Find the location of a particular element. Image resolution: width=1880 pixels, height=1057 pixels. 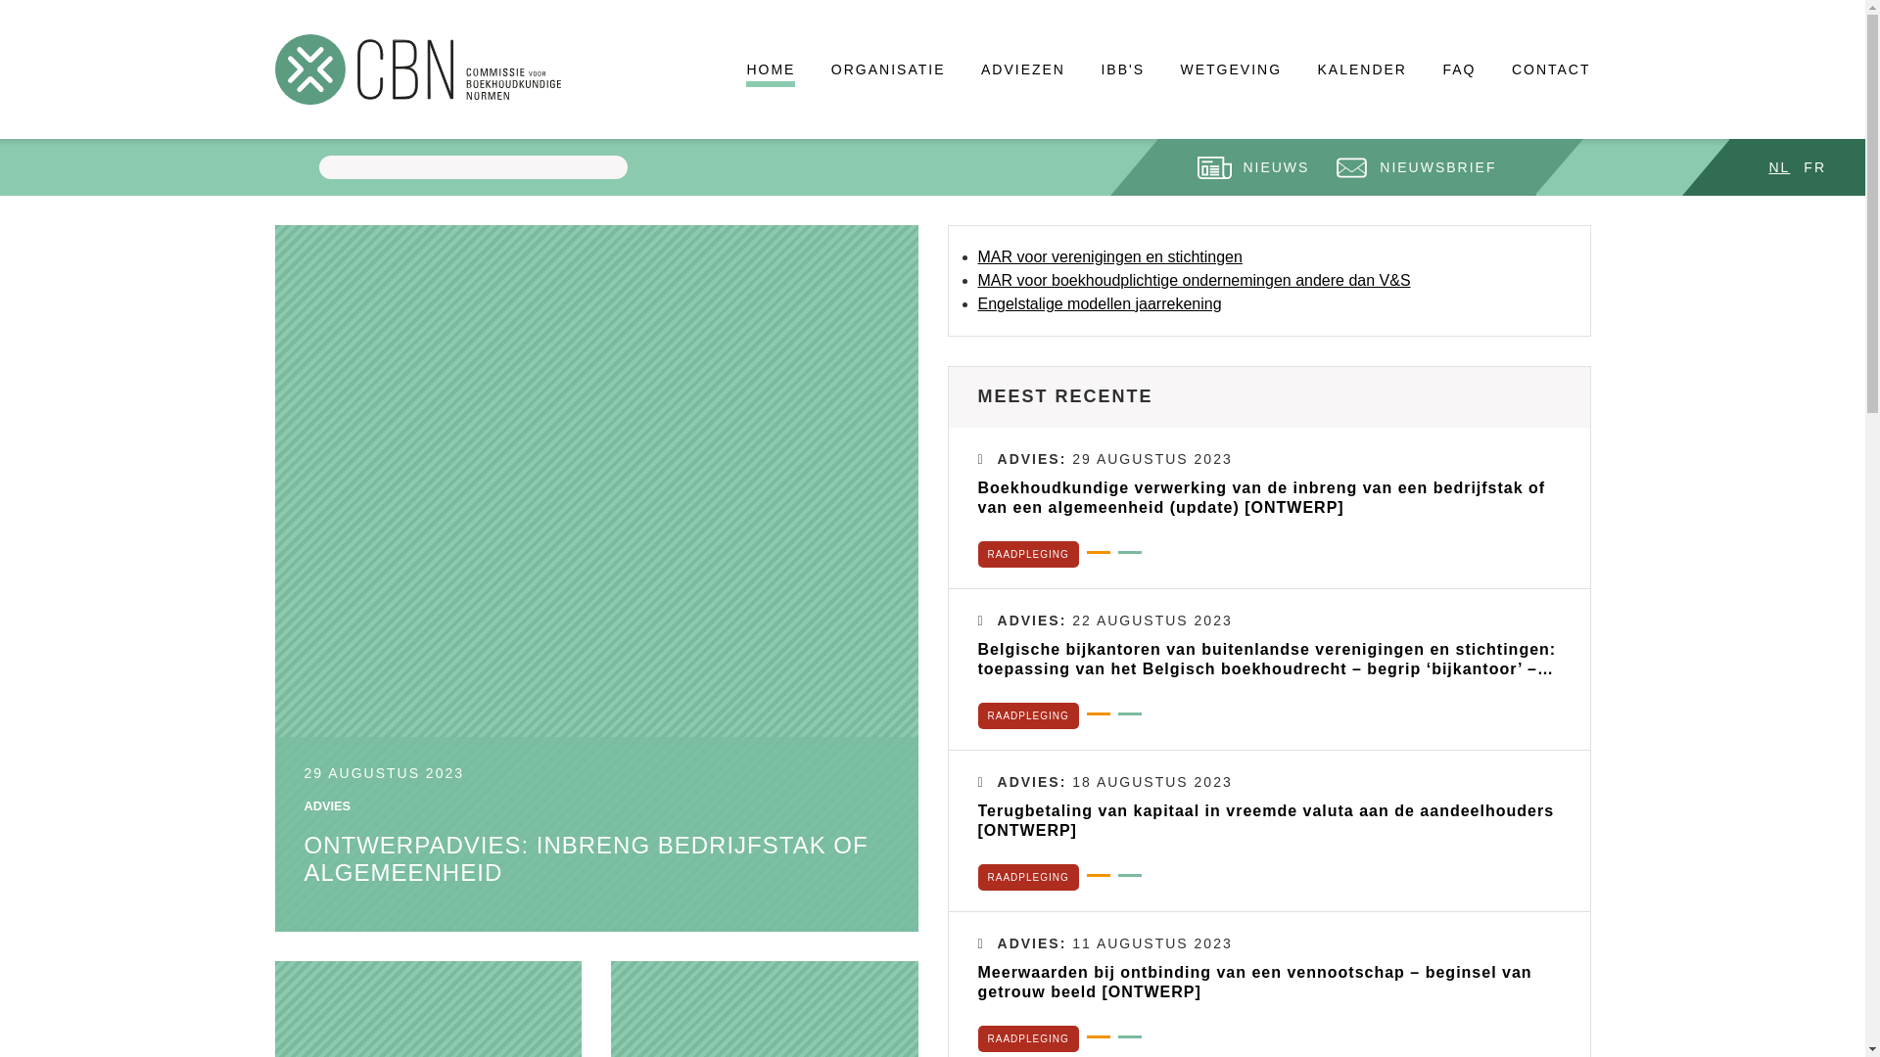

'CONTACT' is located at coordinates (1550, 70).